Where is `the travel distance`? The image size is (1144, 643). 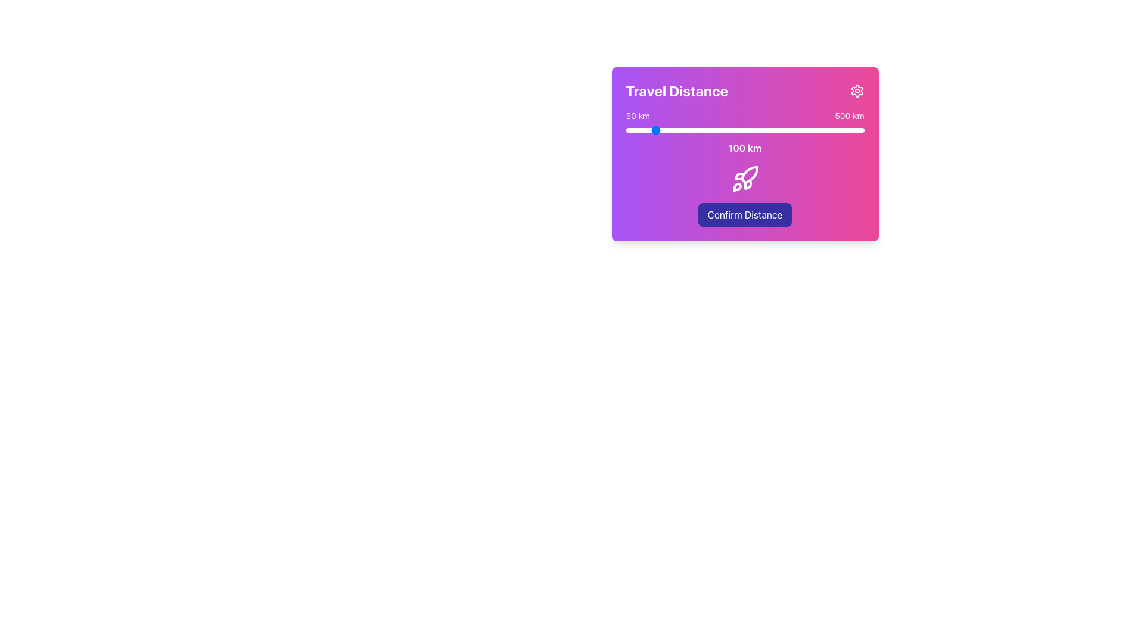 the travel distance is located at coordinates (739, 130).